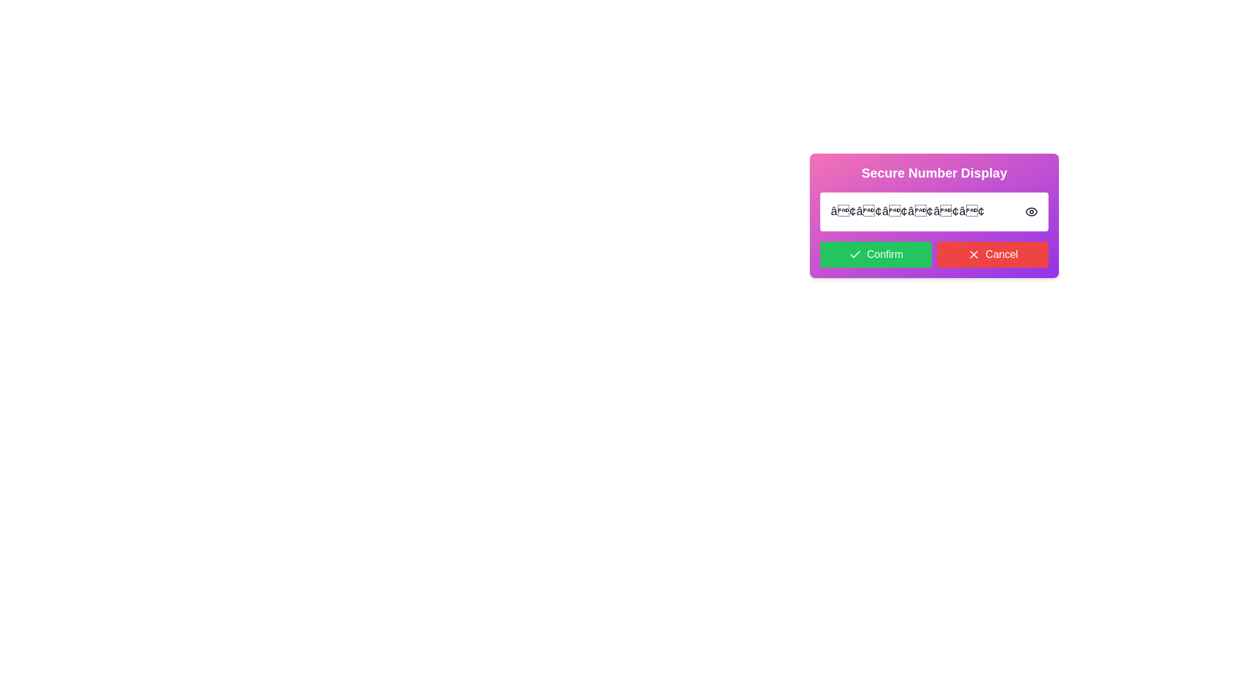 The image size is (1245, 700). I want to click on the 'X' icon within the 'Cancel' button located at the bottom of the card-like modal interface, so click(974, 255).